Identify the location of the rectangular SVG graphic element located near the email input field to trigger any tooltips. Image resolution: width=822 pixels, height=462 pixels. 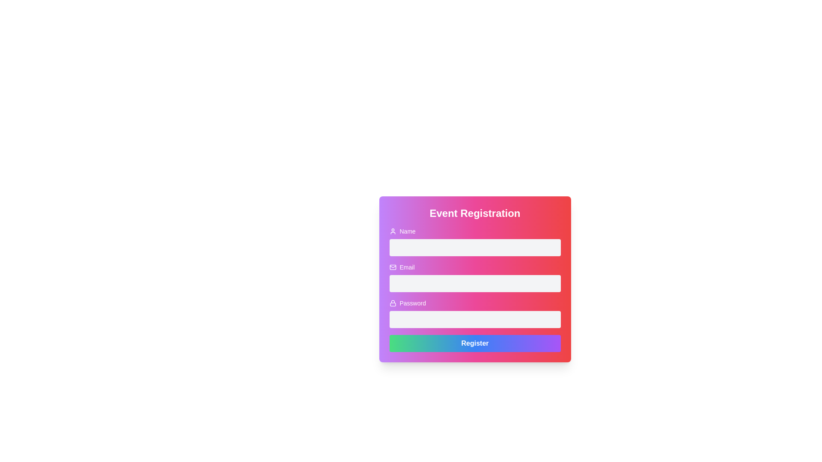
(392, 267).